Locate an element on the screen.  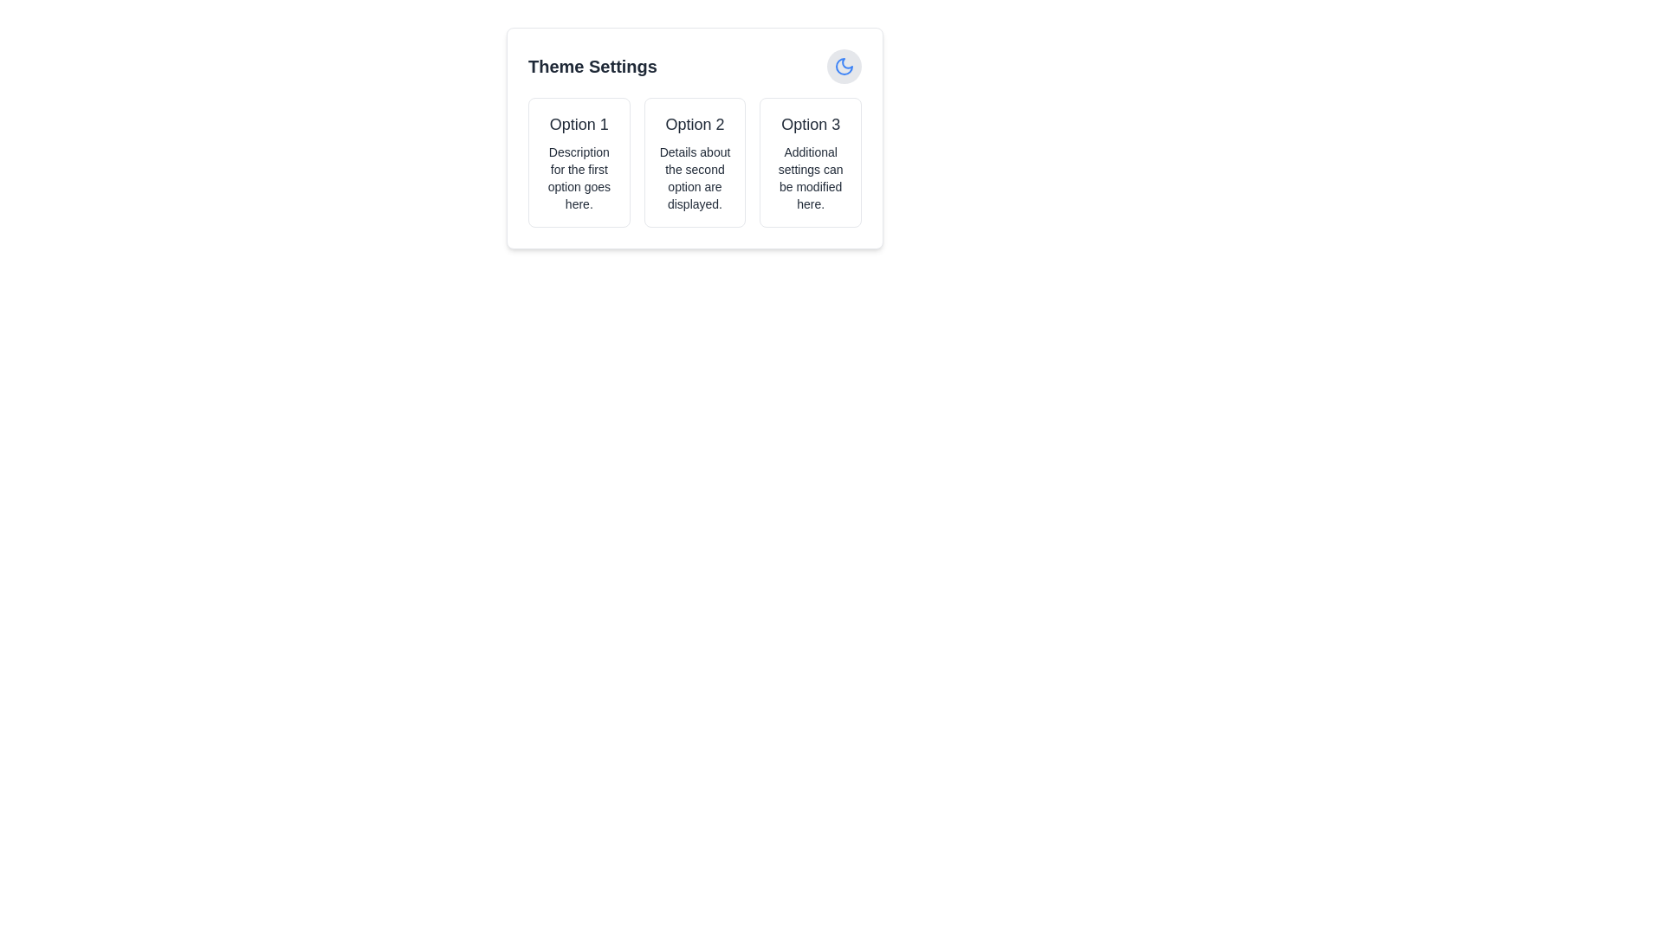
the text label displaying 'Option 3', which is prominently styled in black and located at the top center of the third option card is located at coordinates (810, 123).